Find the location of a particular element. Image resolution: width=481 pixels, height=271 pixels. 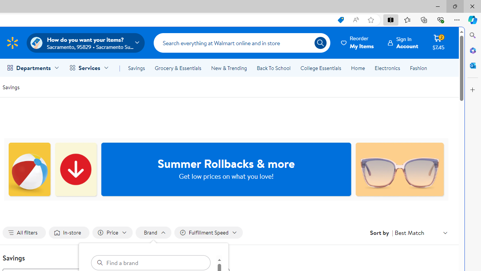

'Cart contains 2 items Total Amount $7.45' is located at coordinates (438, 43).